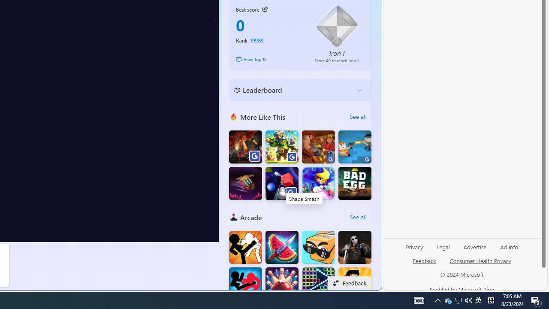 The width and height of the screenshot is (549, 309). I want to click on 'Castle Of Magic', so click(318, 183).